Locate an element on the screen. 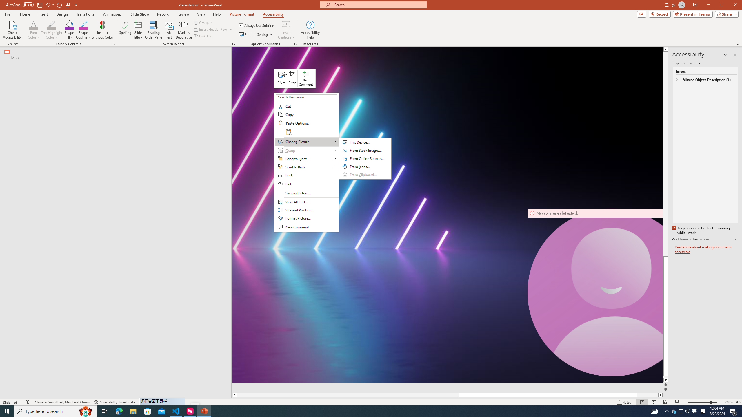  'From Clipboard...' is located at coordinates (365, 175).